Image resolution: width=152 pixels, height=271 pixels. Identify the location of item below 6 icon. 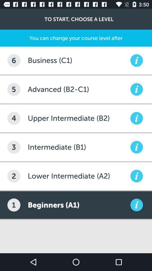
(14, 89).